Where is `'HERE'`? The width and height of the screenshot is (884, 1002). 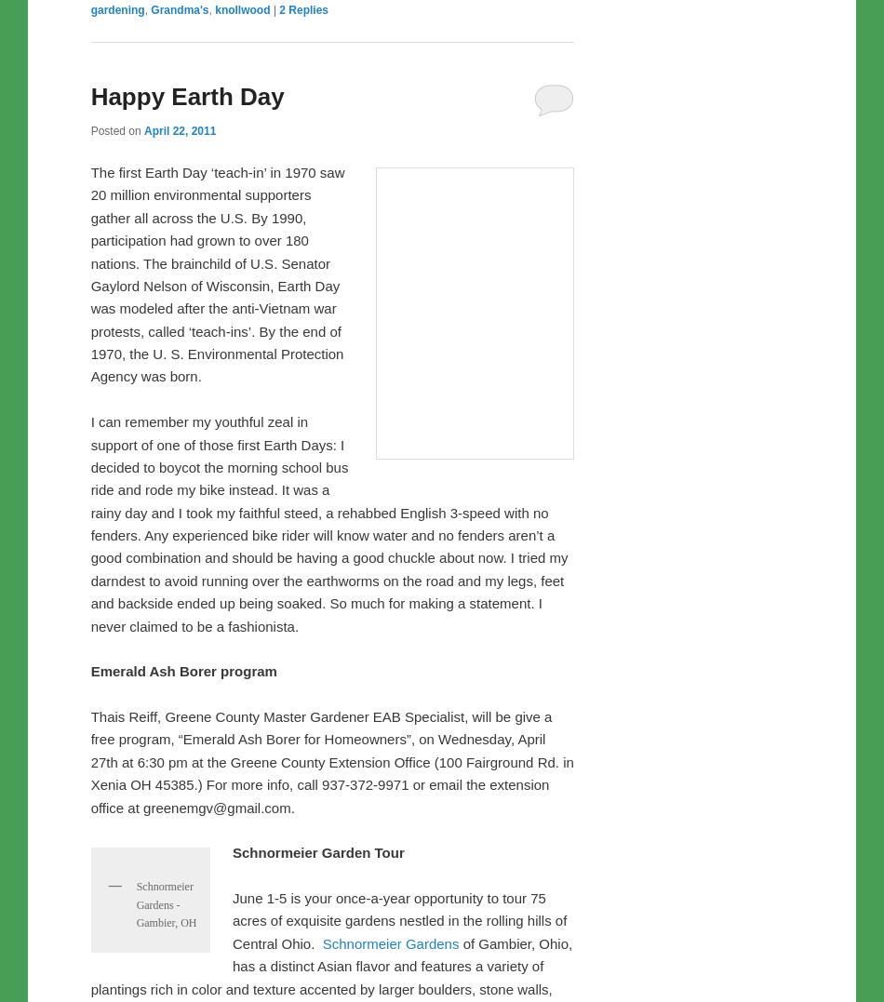
'HERE' is located at coordinates (164, 124).